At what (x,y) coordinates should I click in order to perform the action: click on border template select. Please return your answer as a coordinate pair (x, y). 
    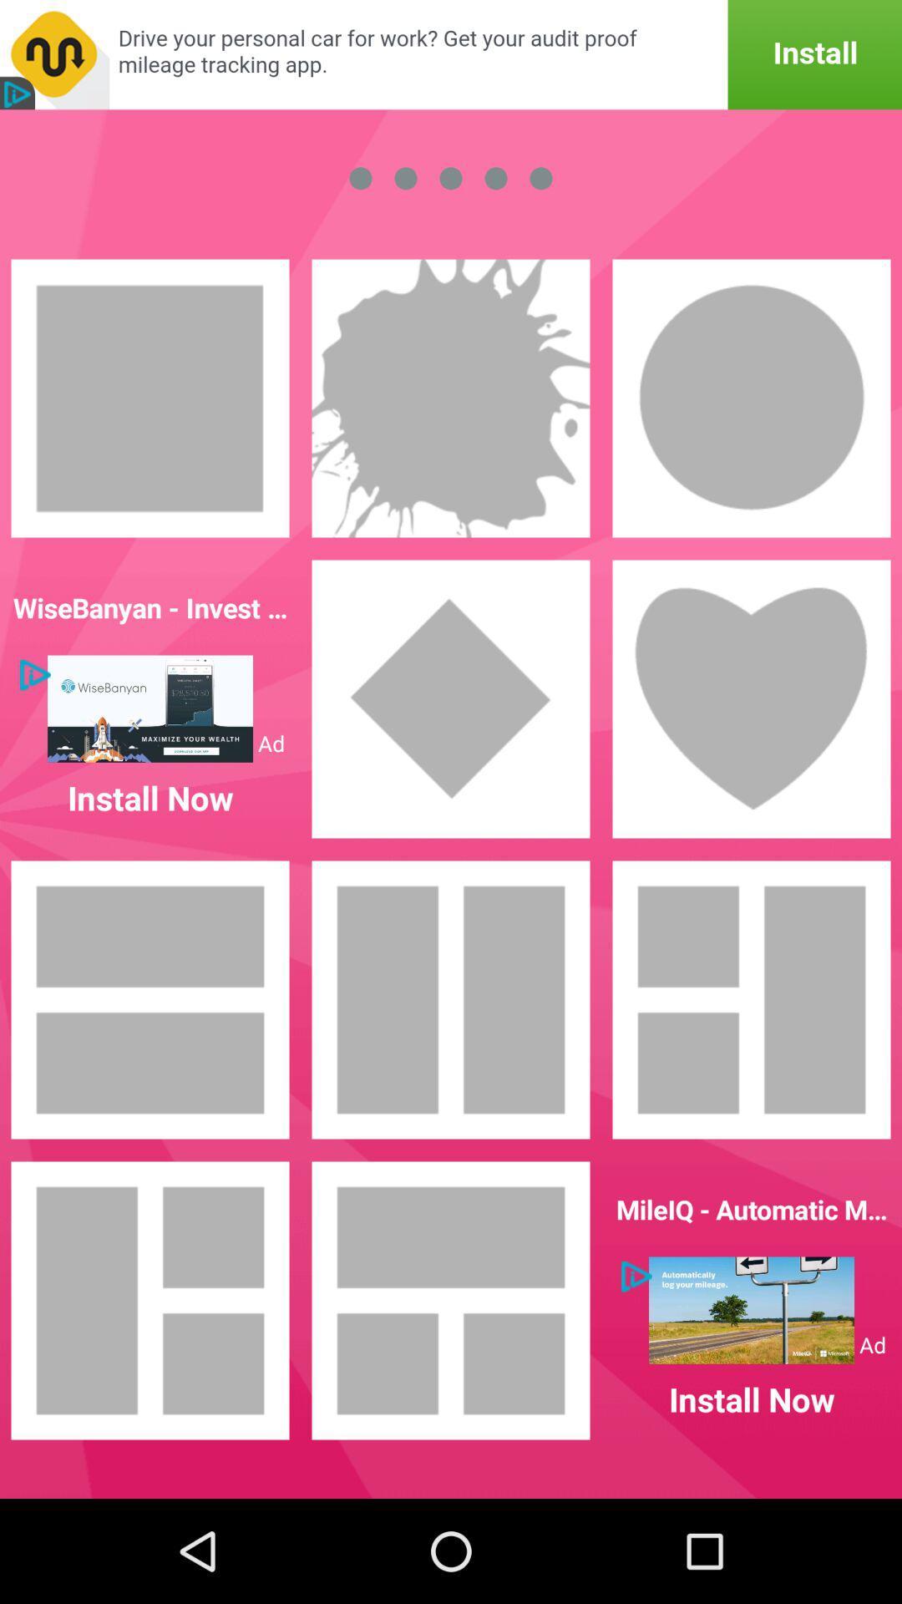
    Looking at the image, I should click on (750, 397).